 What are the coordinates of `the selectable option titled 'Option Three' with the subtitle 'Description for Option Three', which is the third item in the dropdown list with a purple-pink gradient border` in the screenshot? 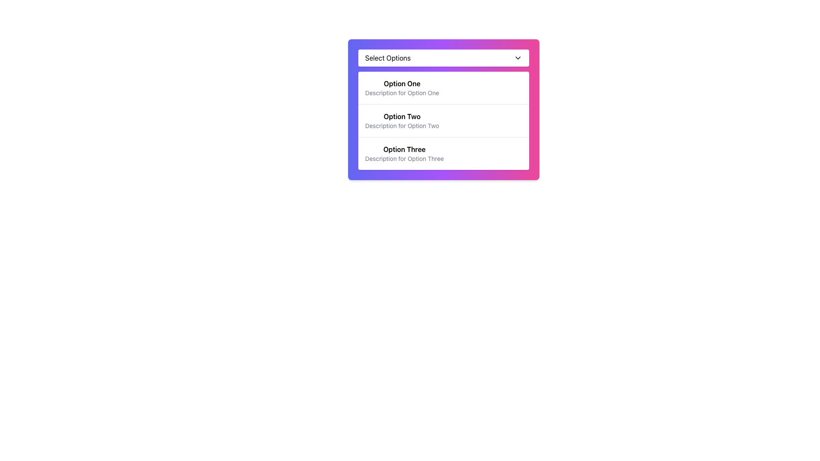 It's located at (404, 153).